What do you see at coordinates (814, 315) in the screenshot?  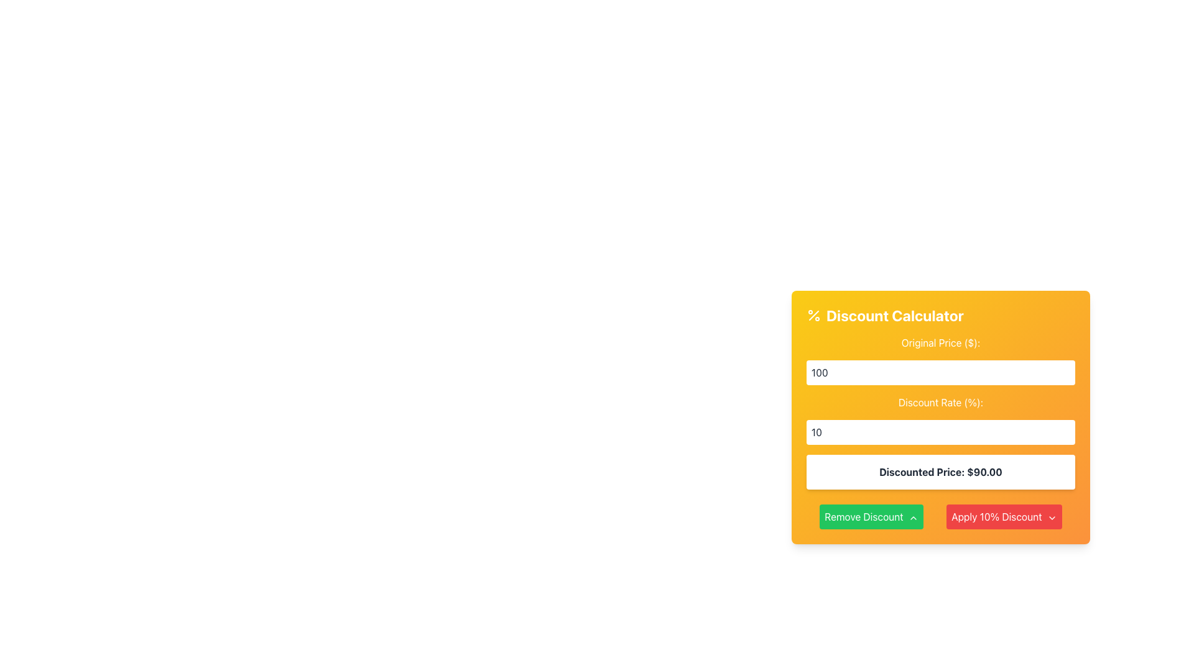 I see `the percentage symbol icon located in the header section of the discount calculator interface, which is positioned to the left of the title text 'Discount Calculator'` at bounding box center [814, 315].